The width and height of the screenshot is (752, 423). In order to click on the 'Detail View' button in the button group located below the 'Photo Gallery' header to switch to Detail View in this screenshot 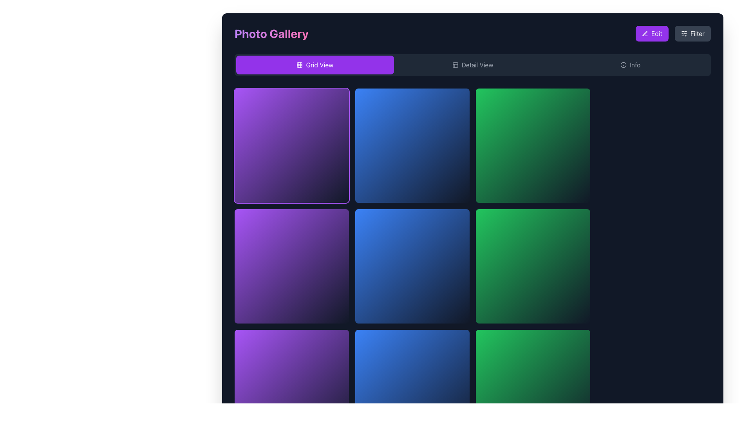, I will do `click(472, 64)`.